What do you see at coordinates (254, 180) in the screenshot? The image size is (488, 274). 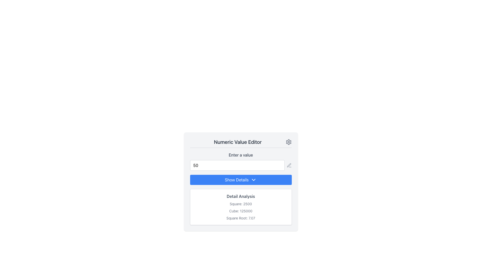 I see `the rightward-pointing chevron icon inside the blue 'Show Details' button, indicating a toggle functionality` at bounding box center [254, 180].